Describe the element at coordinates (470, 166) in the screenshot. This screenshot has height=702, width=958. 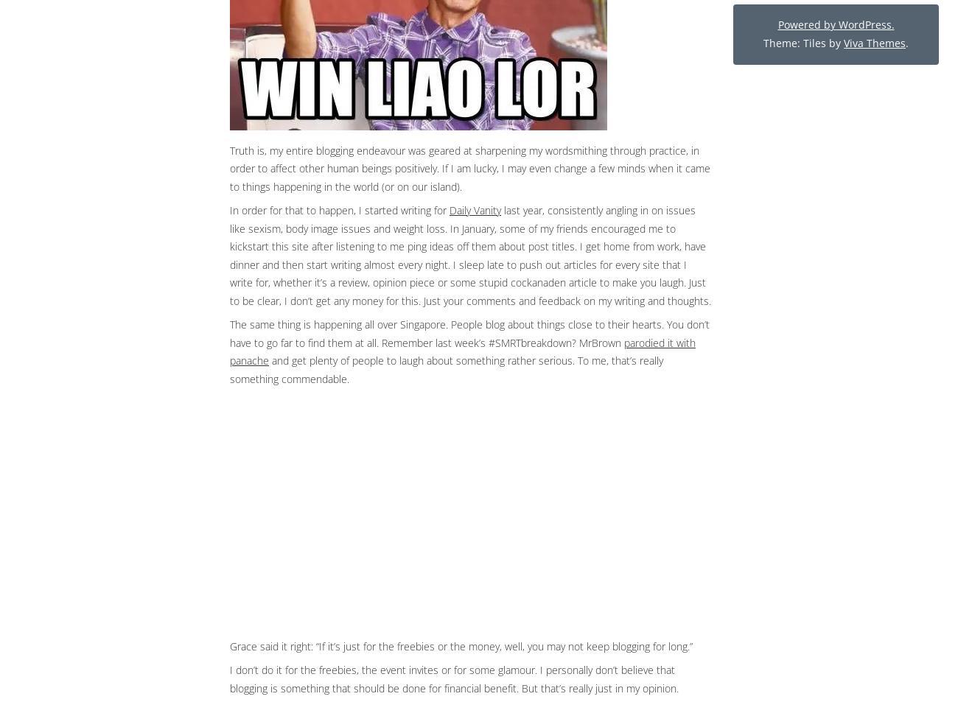
I see `'Truth is, my entire blogging endeavour was geared at sharpening my wordsmithing through practice, in order to affect other human beings positively. If I am lucky, I may even change a few minds when it came to things happening in the world (or on our island).'` at that location.